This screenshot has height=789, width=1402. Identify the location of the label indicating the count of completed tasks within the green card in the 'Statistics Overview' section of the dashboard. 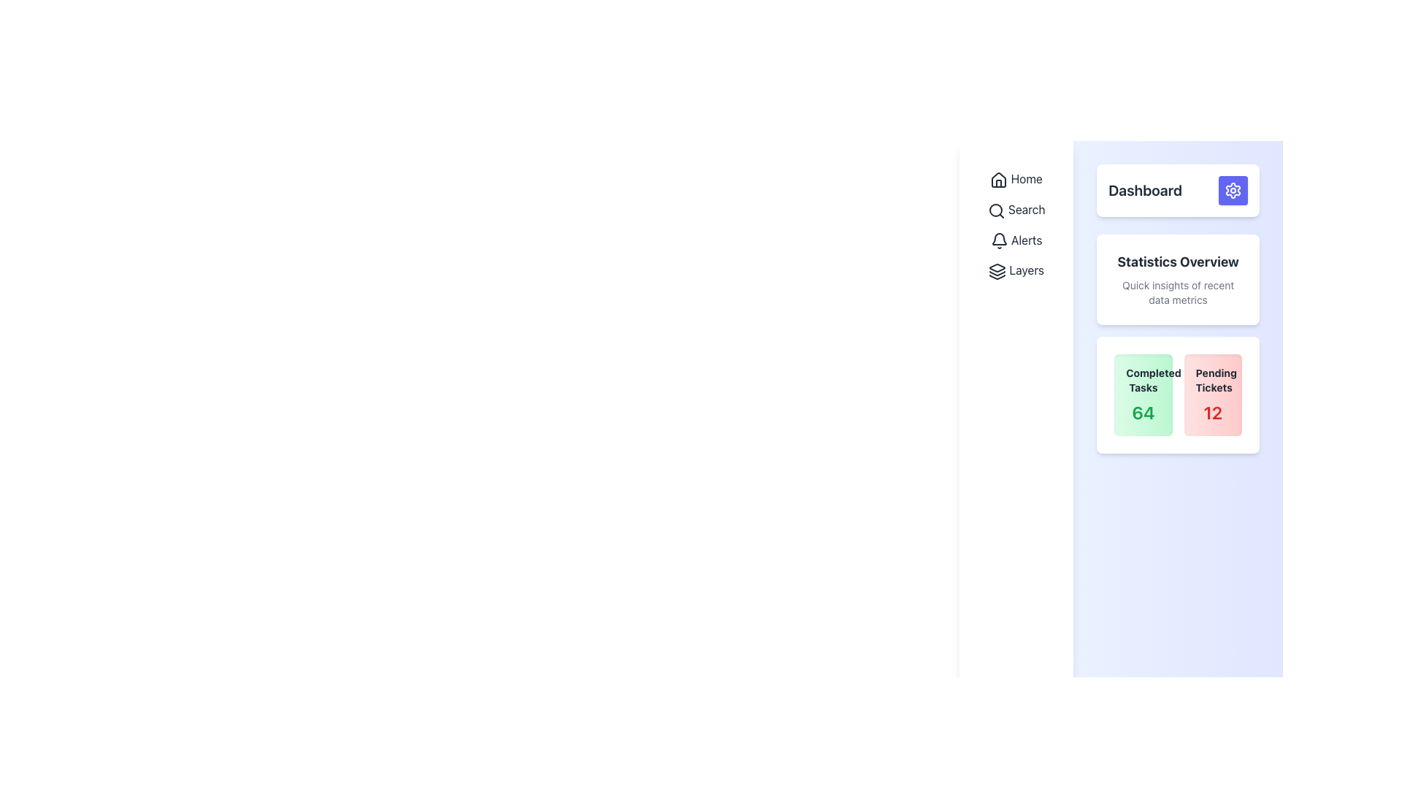
(1142, 379).